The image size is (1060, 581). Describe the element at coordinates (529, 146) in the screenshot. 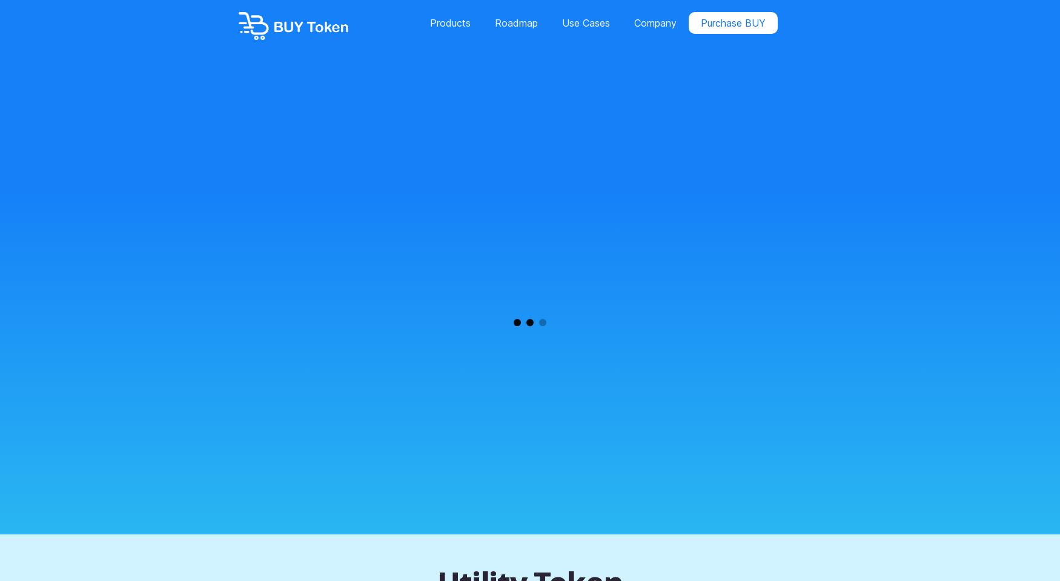

I see `'Dropshipper'` at that location.